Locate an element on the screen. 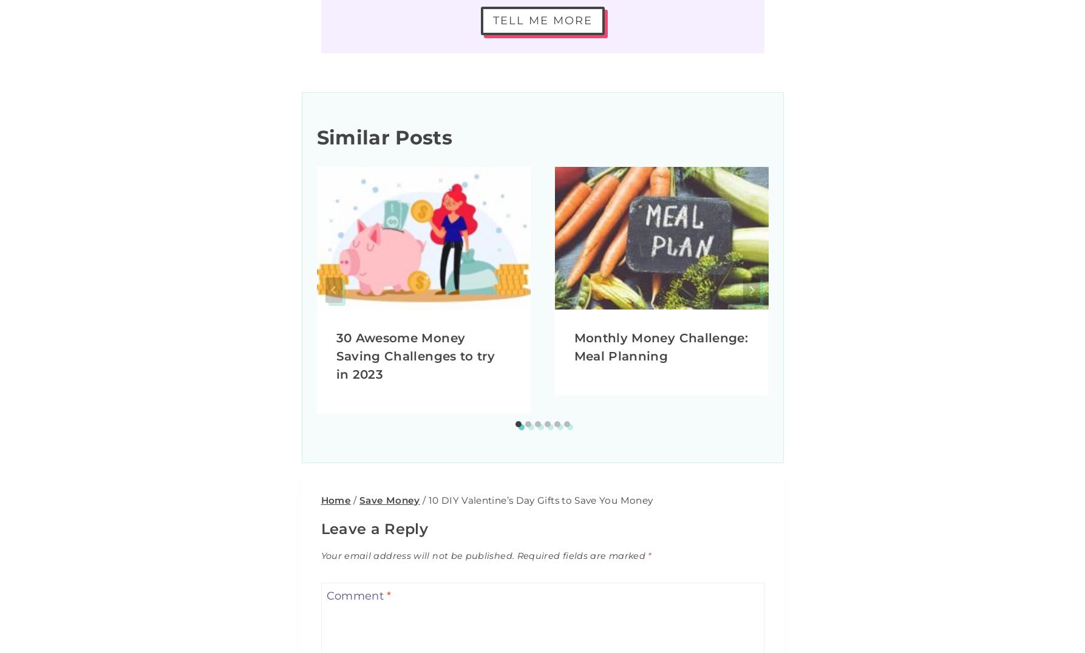  'Home' is located at coordinates (335, 499).